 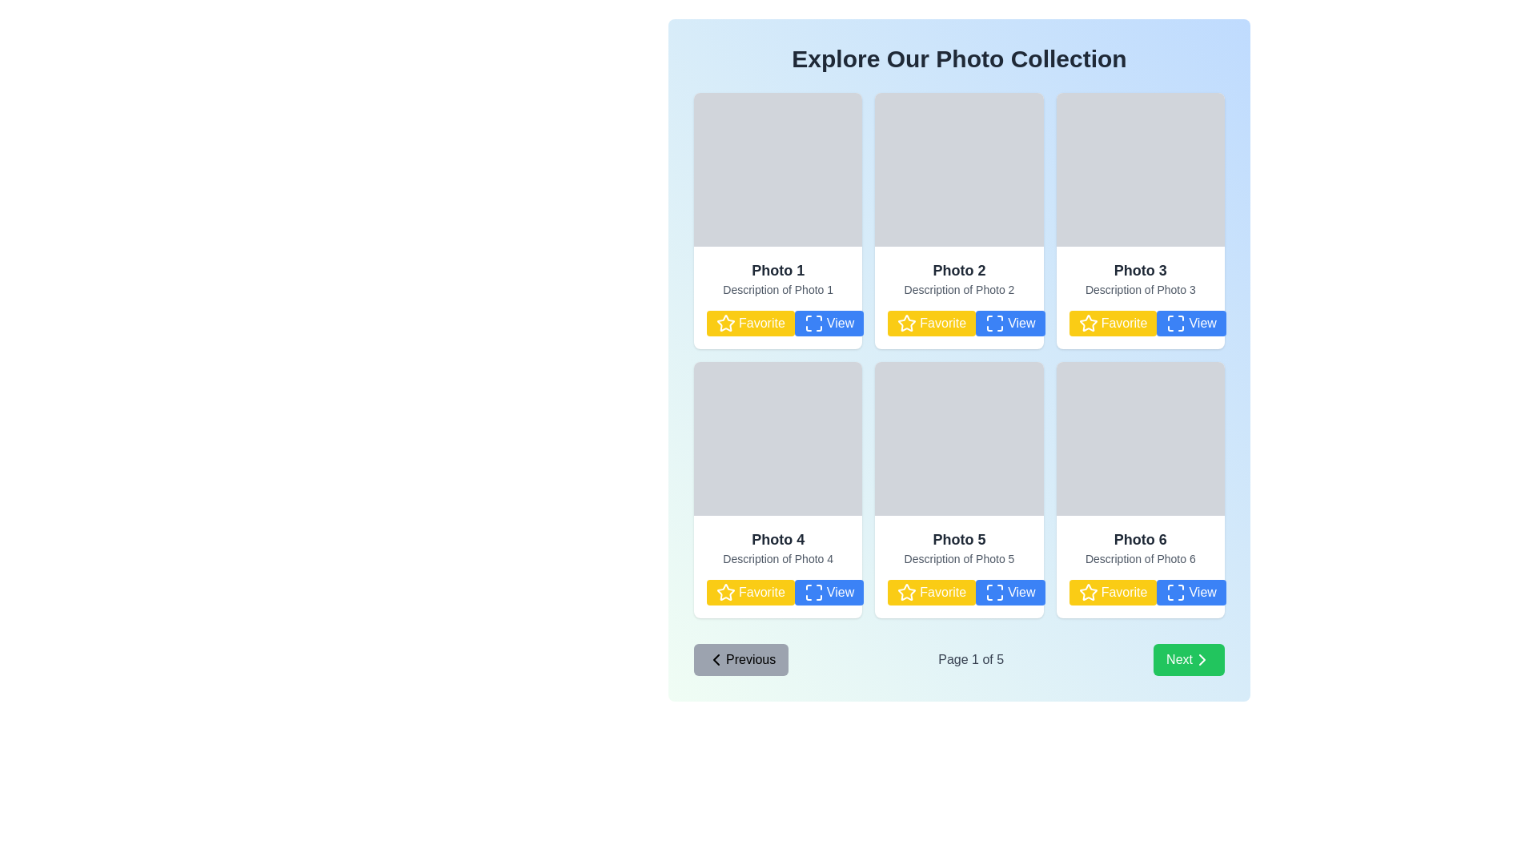 What do you see at coordinates (725, 324) in the screenshot?
I see `the yellow star-shaped icon with a black border located within the 'Favorite' button to favorite the item` at bounding box center [725, 324].